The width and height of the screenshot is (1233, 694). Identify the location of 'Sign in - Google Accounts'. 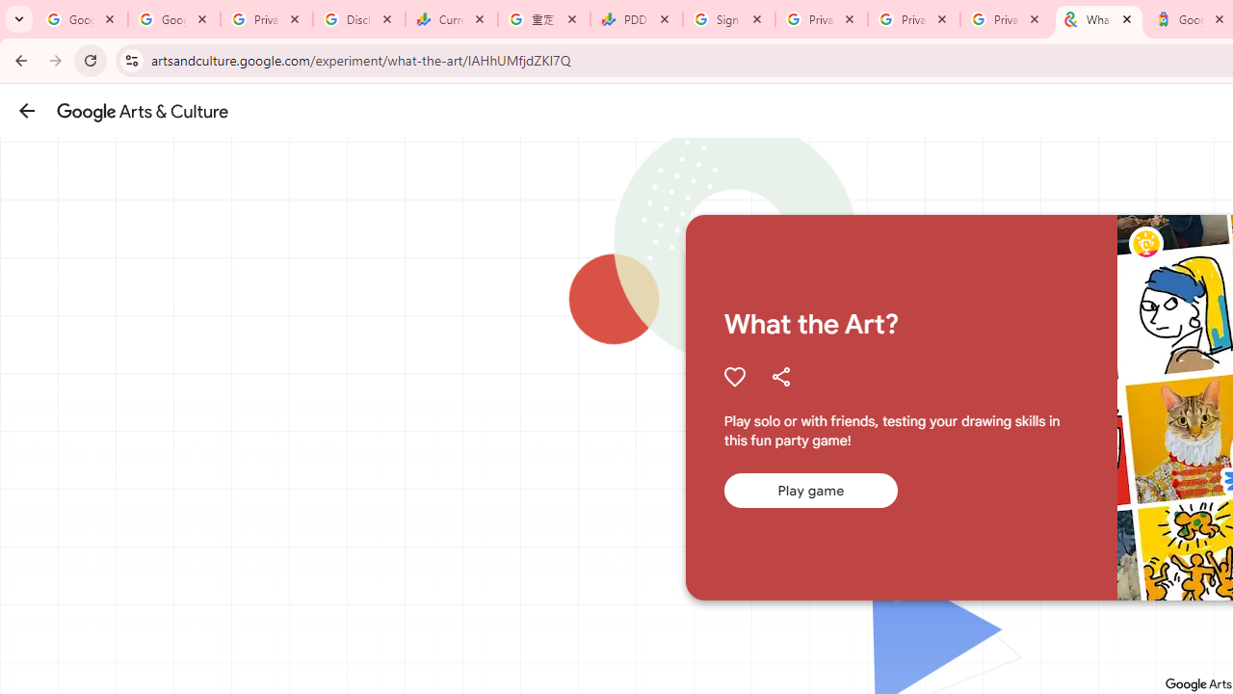
(728, 19).